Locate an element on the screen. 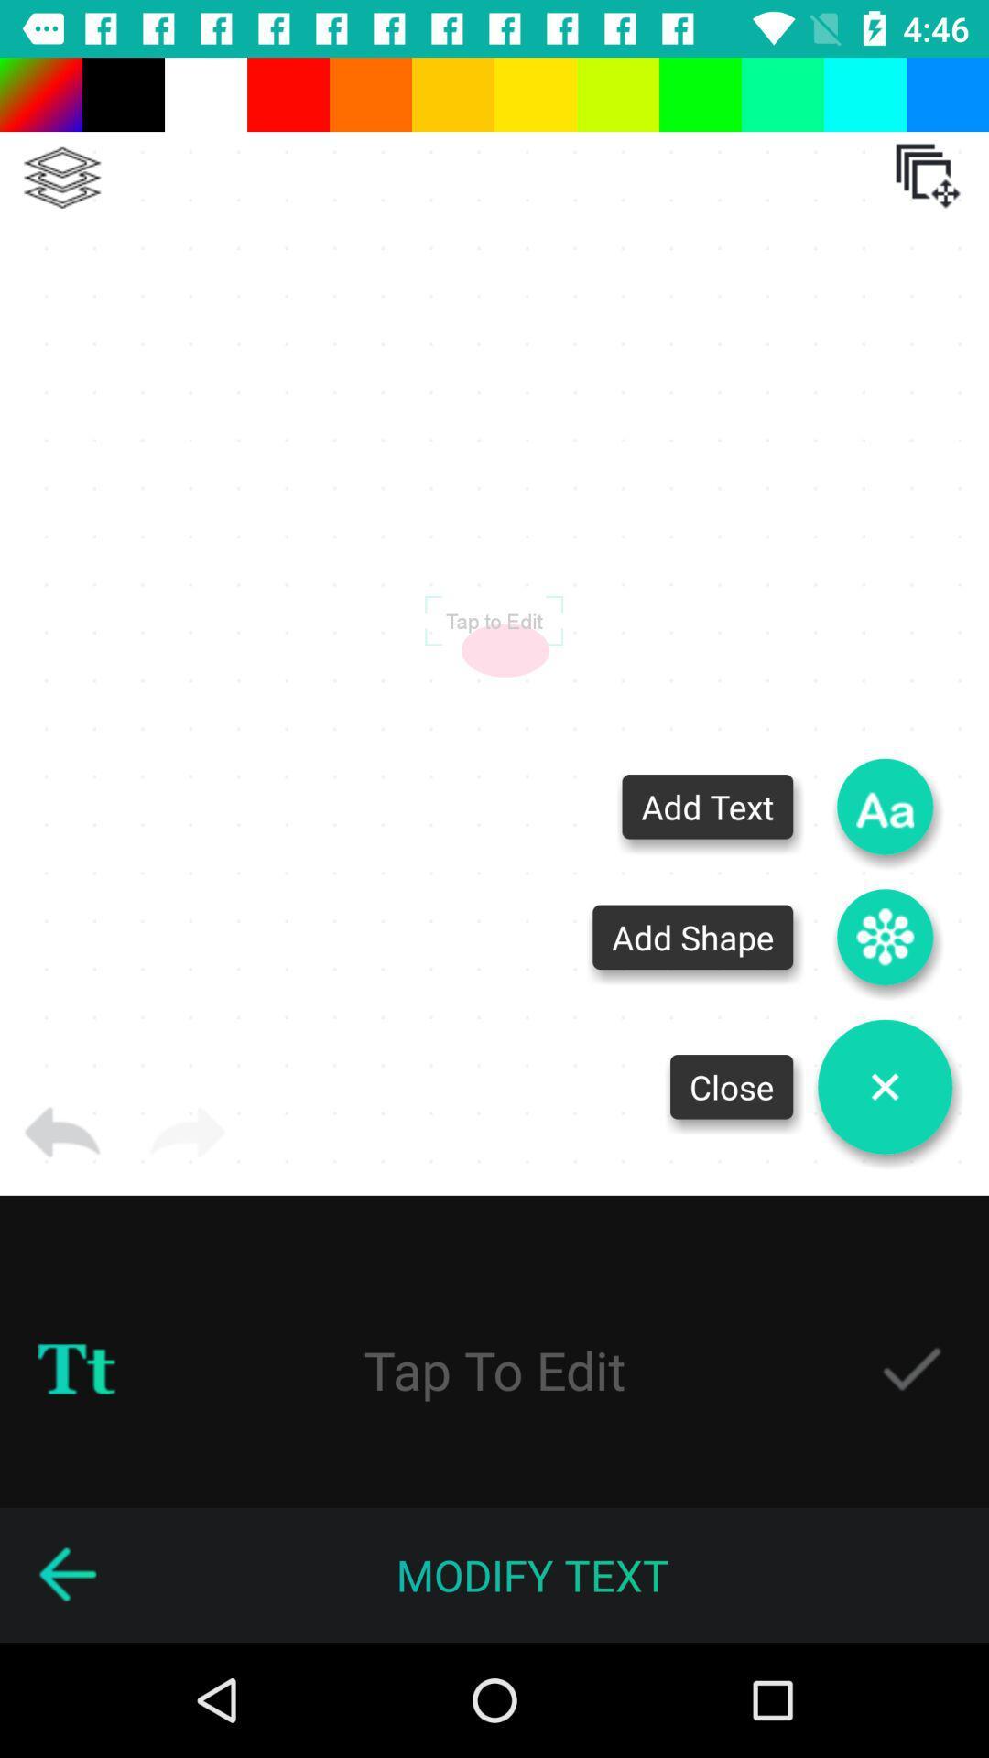 This screenshot has width=989, height=1758. tap to edit is located at coordinates (493, 620).